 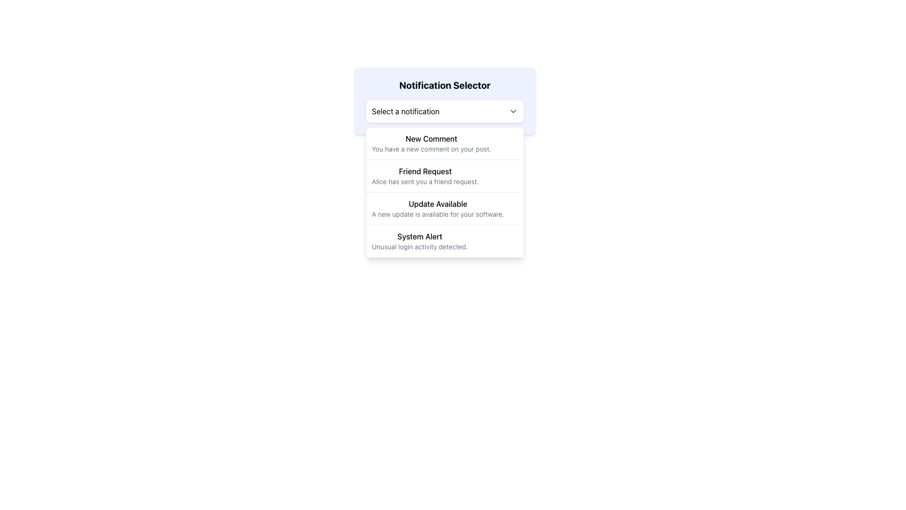 What do you see at coordinates (437, 204) in the screenshot?
I see `text of the main title for the third notification item in the 'Notification Selector' dropdown menu` at bounding box center [437, 204].